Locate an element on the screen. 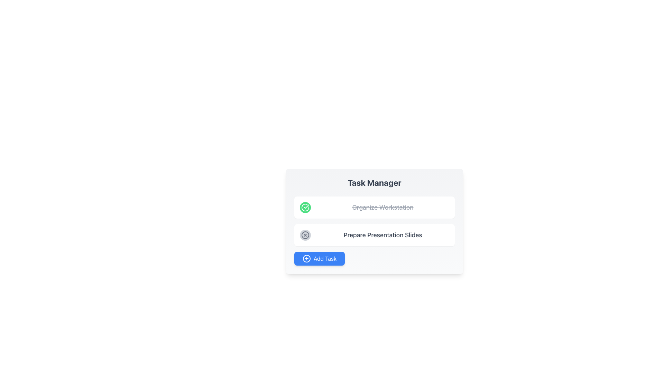  the checkmark icon within the circle on the left side of the first task entry labeled 'Organize Workstation' to interact with it is located at coordinates (306, 206).